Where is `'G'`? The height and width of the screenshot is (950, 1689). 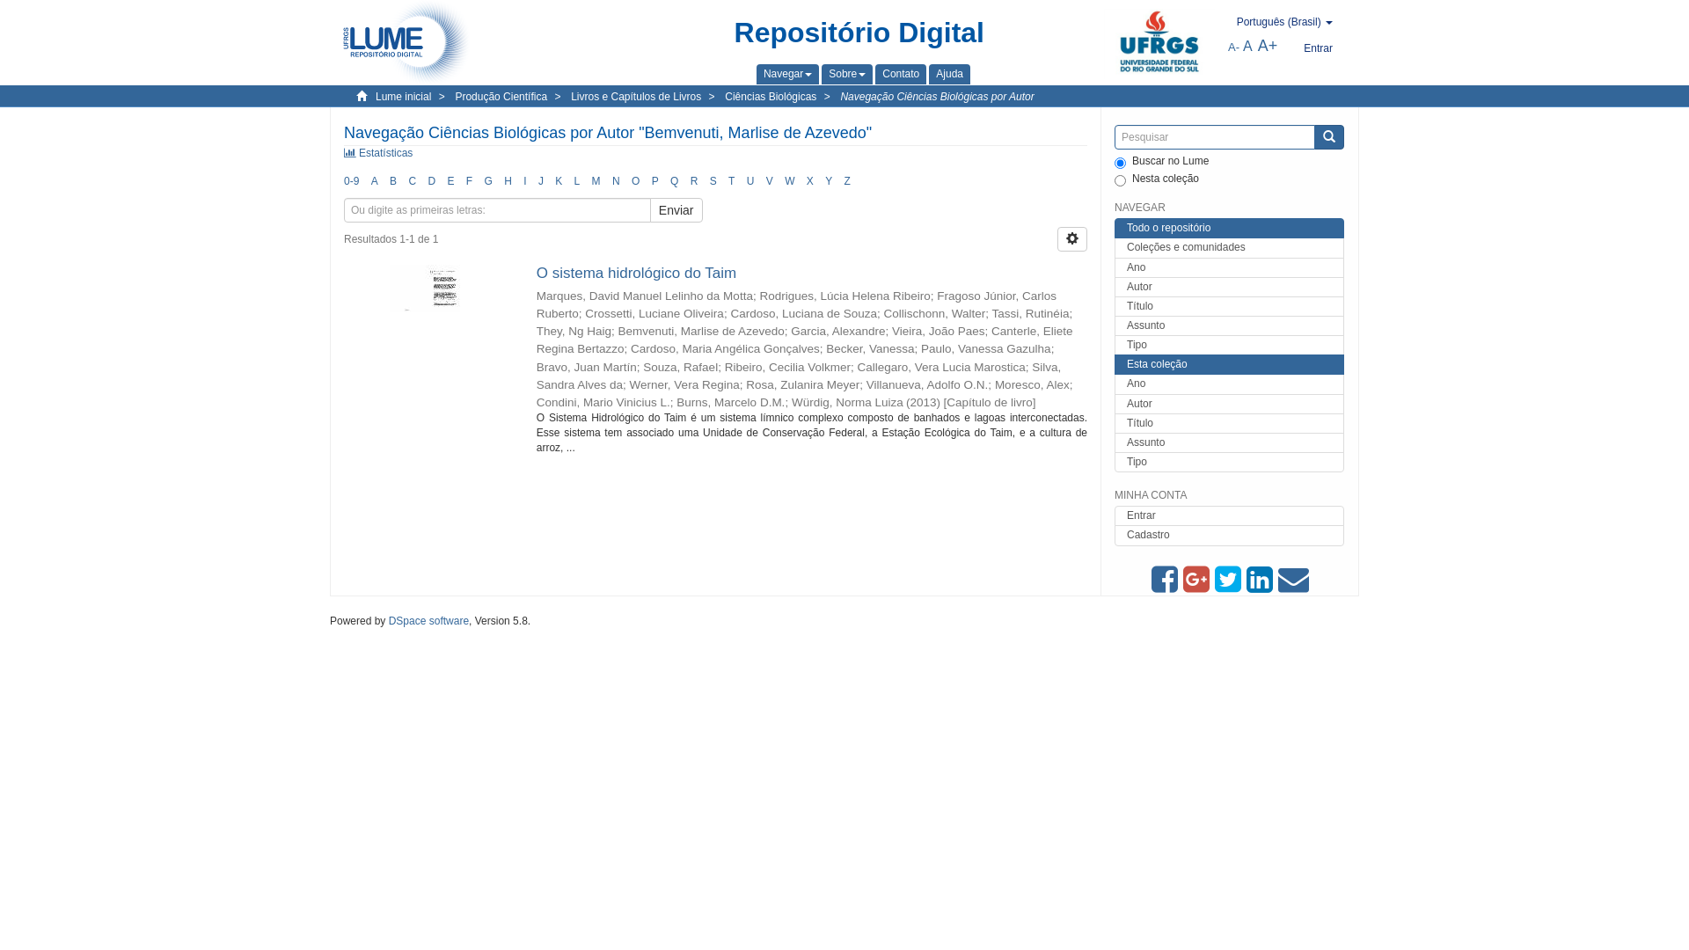 'G' is located at coordinates (487, 180).